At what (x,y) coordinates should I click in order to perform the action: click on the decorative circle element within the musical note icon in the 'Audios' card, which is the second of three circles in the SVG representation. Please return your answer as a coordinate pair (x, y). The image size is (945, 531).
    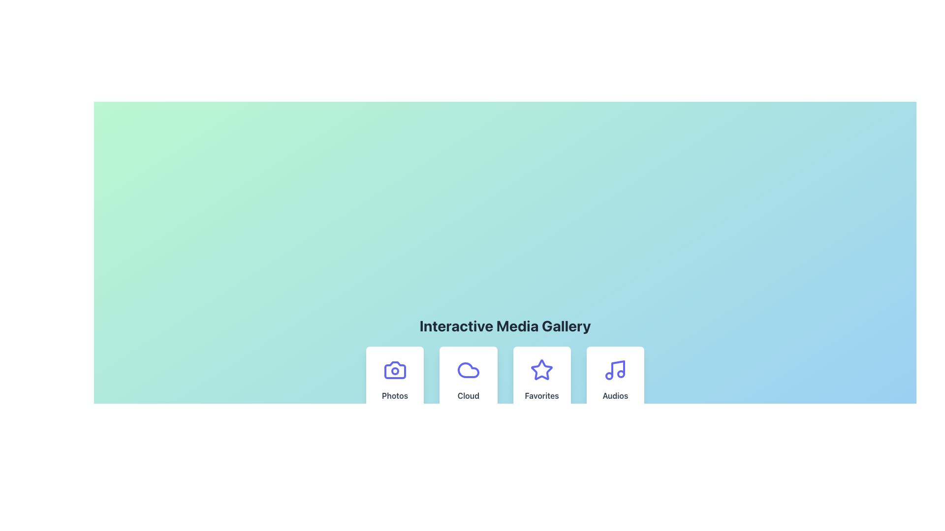
    Looking at the image, I should click on (609, 376).